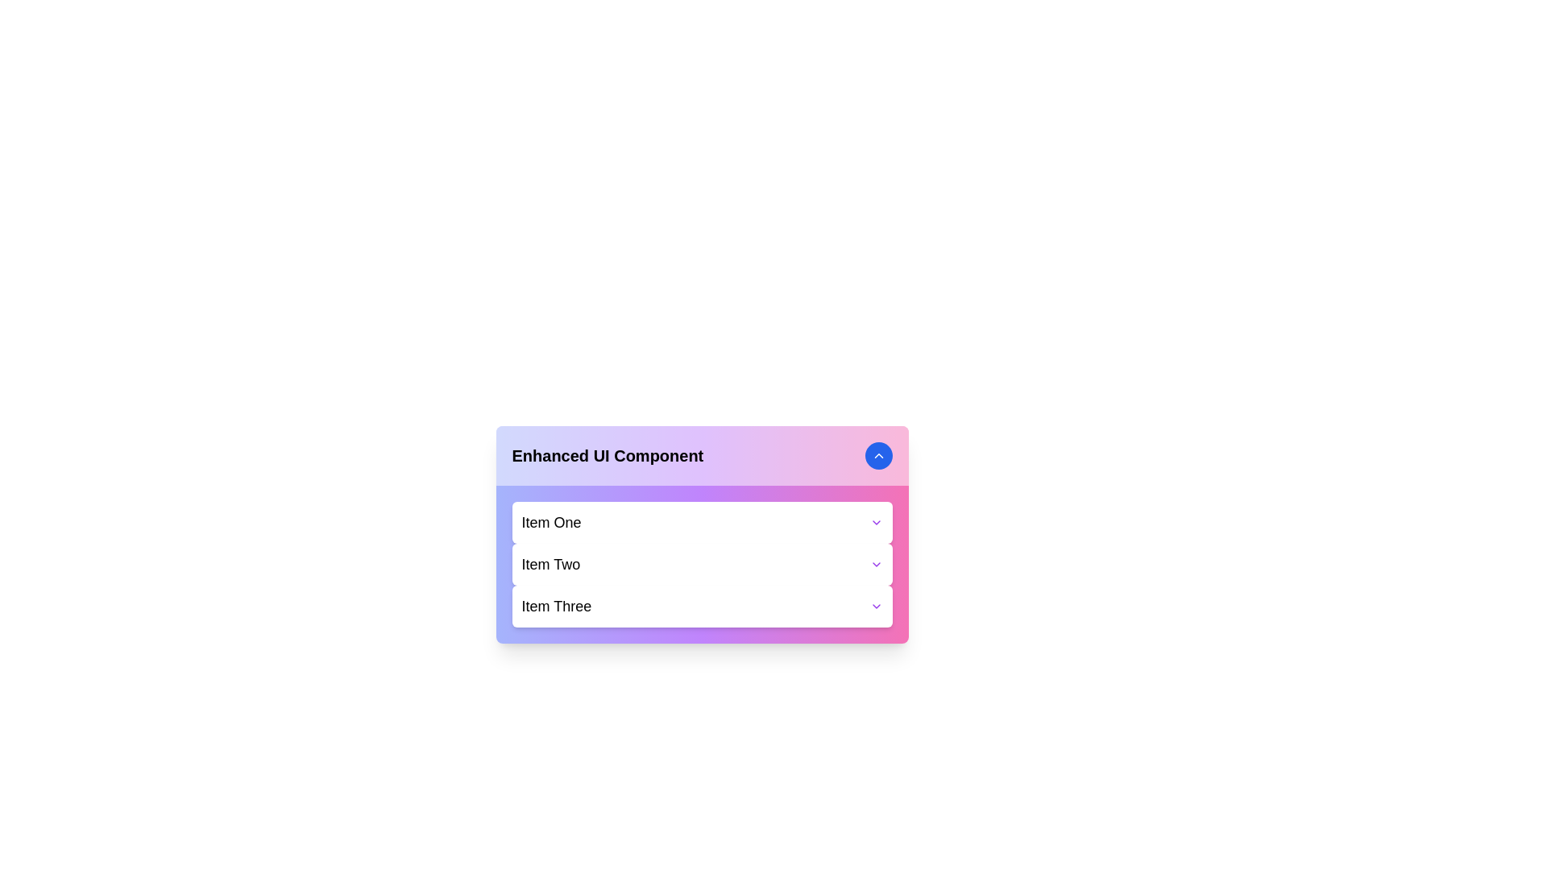 This screenshot has width=1547, height=870. I want to click on text header labeled 'Item One' which is displayed in a large, medium-weight font and styled in plain black color, positioned at the top of a vertically stacked list inside a dropdown-like menu, so click(551, 522).